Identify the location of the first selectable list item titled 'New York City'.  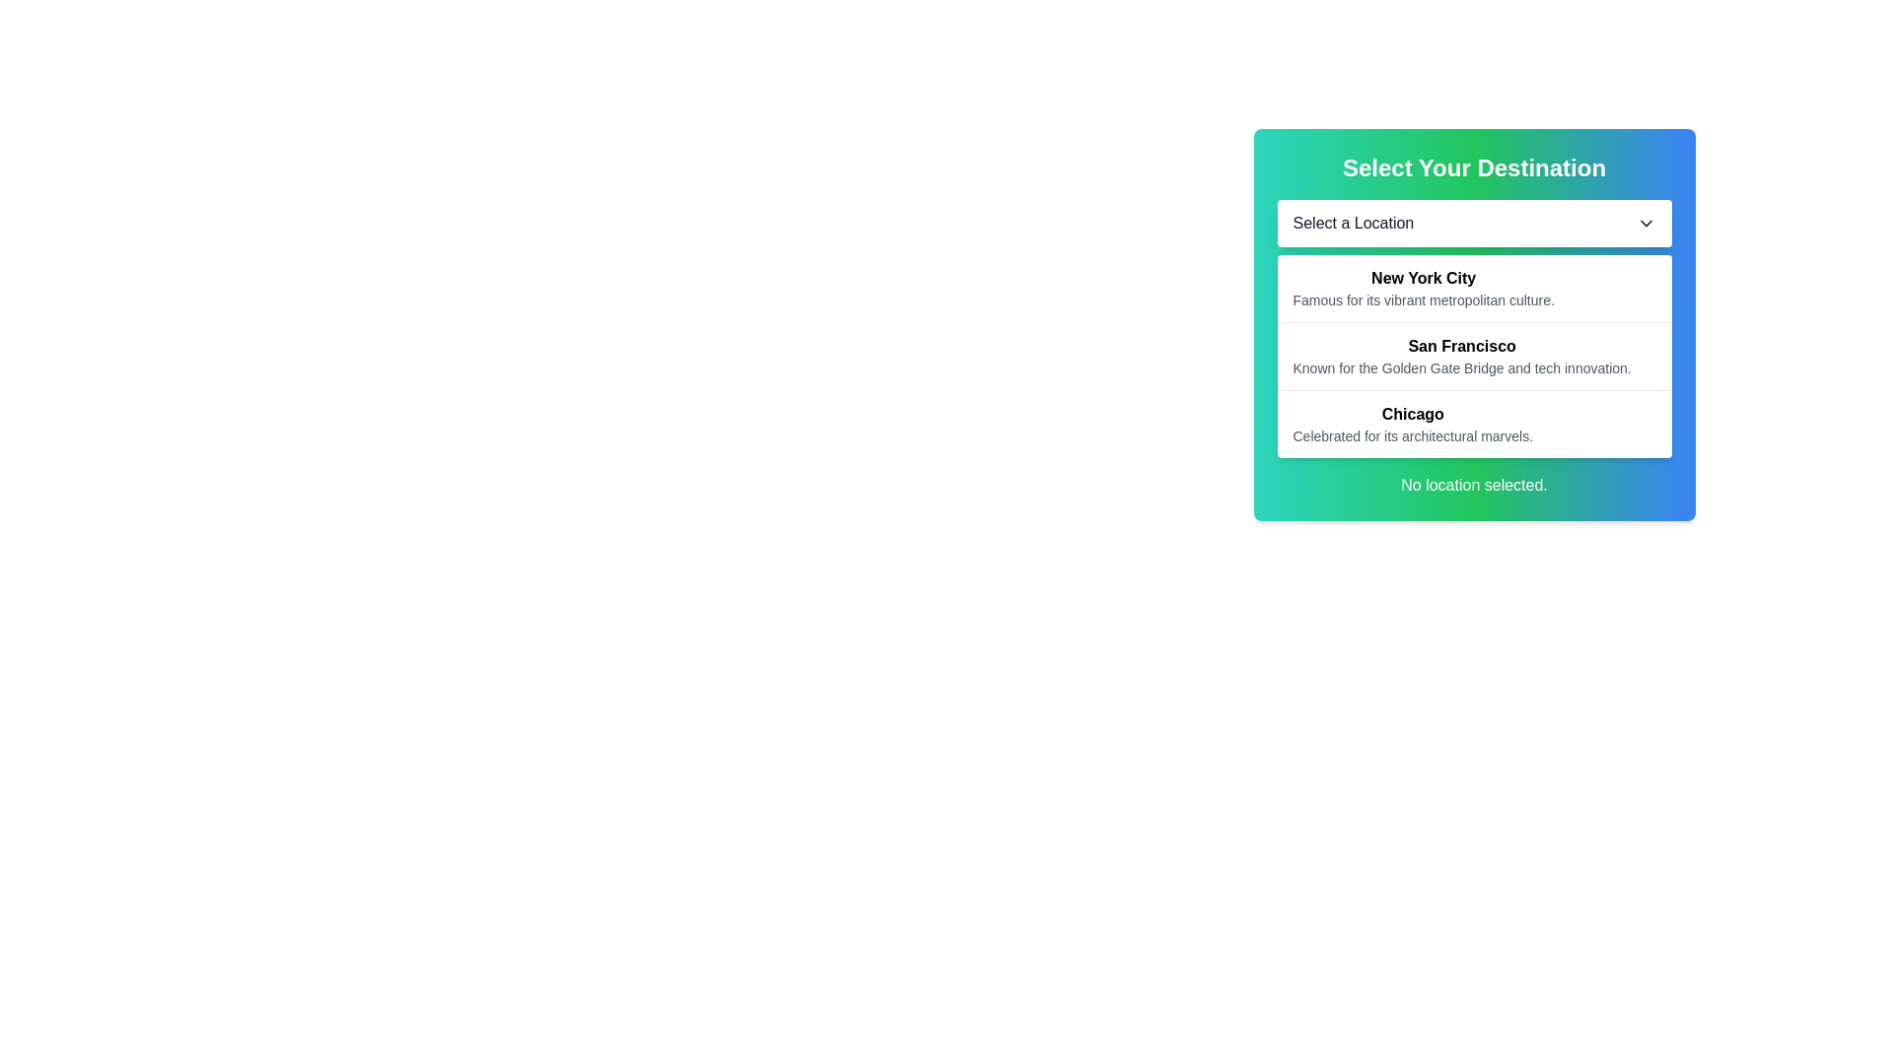
(1474, 289).